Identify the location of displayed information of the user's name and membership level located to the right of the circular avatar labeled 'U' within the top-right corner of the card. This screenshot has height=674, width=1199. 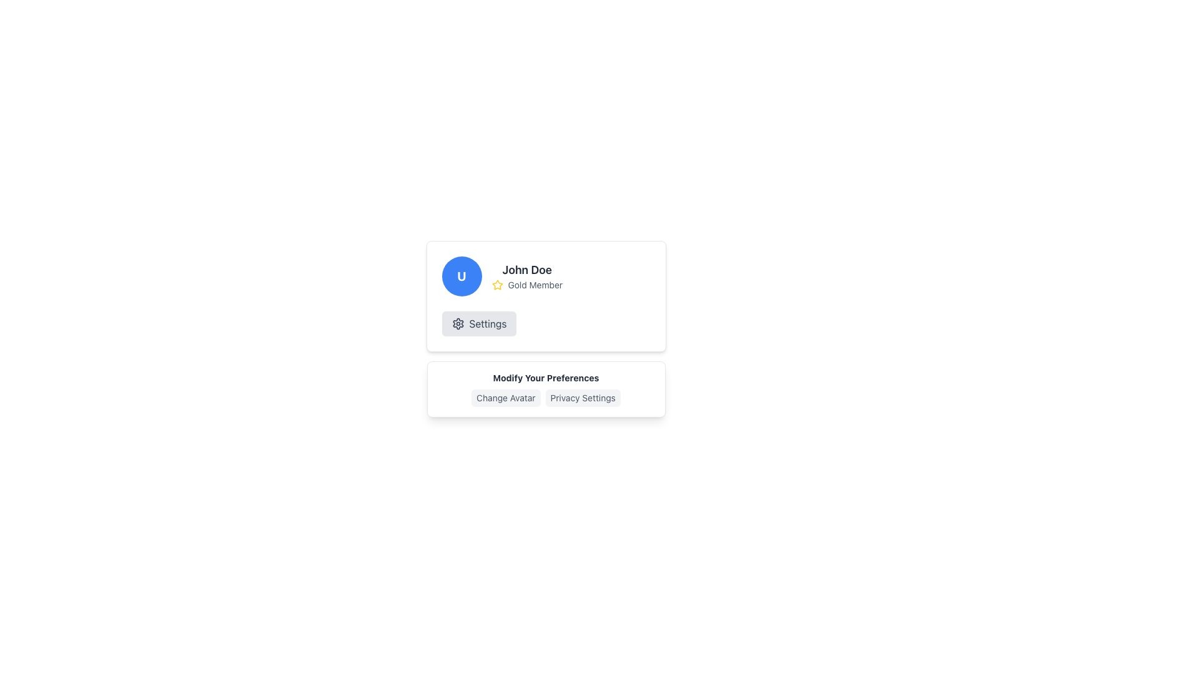
(527, 276).